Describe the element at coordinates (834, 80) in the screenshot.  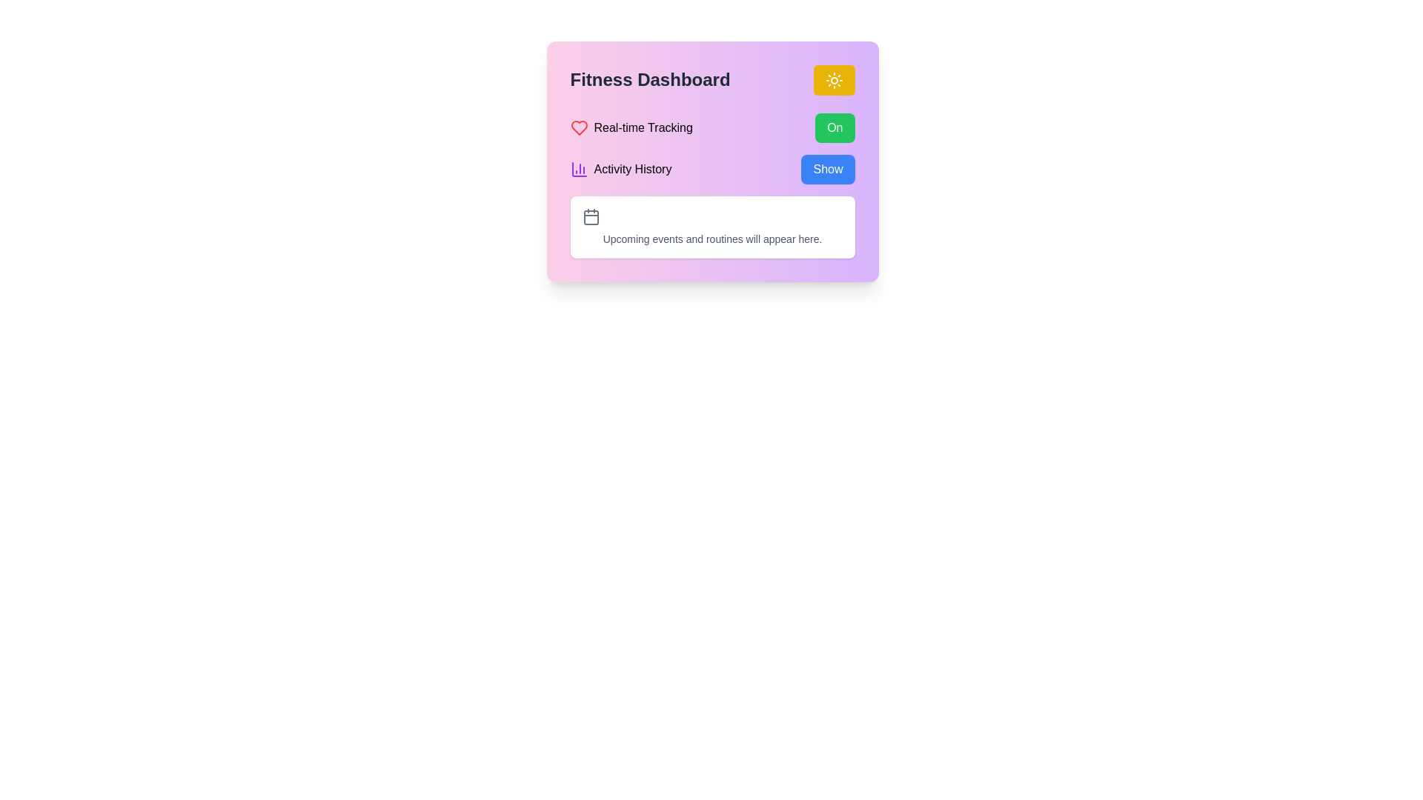
I see `the sun-like SVG icon located at the top-right corner of the 'Fitness Dashboard'` at that location.